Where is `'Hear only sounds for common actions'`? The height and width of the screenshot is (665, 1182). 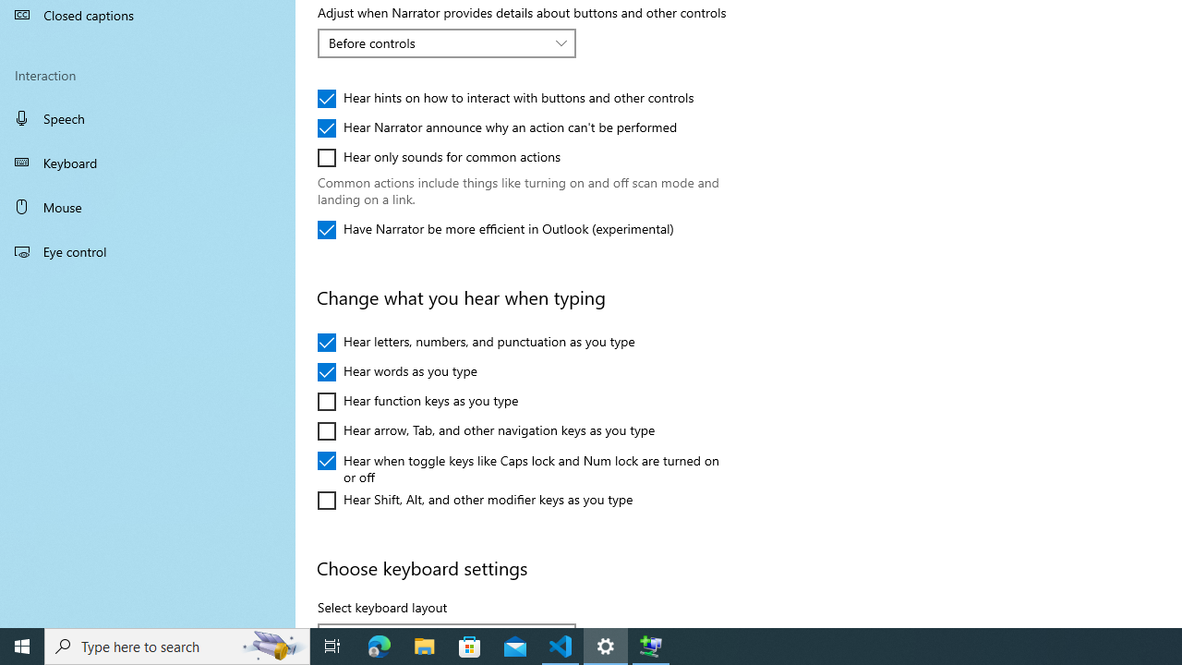 'Hear only sounds for common actions' is located at coordinates (439, 157).